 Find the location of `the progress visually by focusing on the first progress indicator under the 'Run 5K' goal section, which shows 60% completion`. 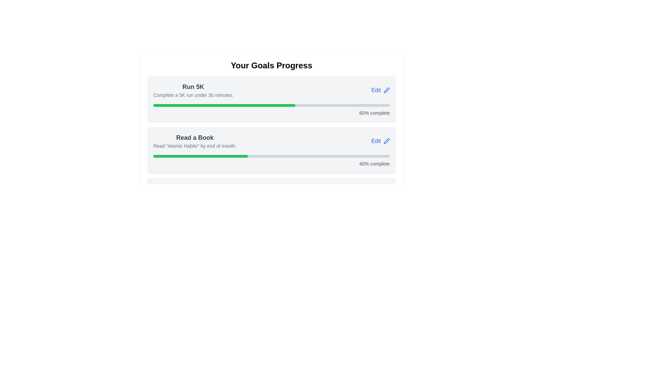

the progress visually by focusing on the first progress indicator under the 'Run 5K' goal section, which shows 60% completion is located at coordinates (271, 105).